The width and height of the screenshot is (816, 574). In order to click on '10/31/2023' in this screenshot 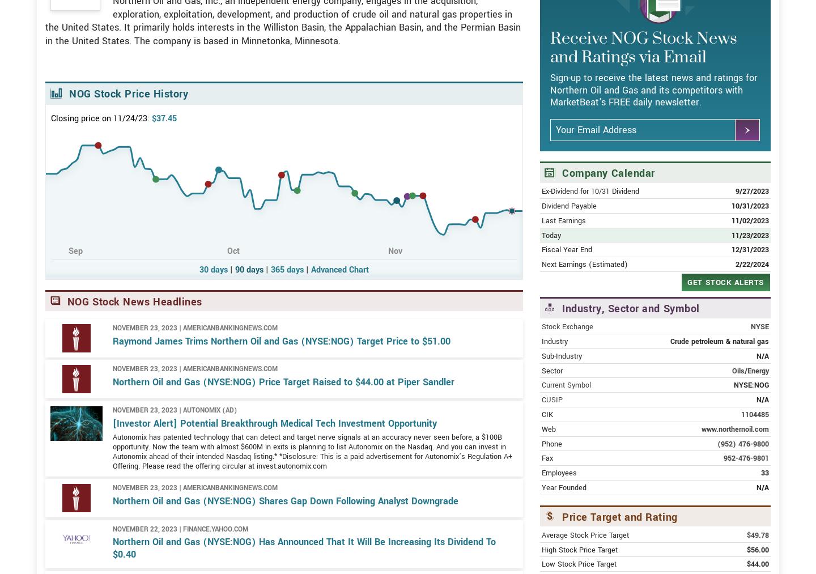, I will do `click(749, 245)`.